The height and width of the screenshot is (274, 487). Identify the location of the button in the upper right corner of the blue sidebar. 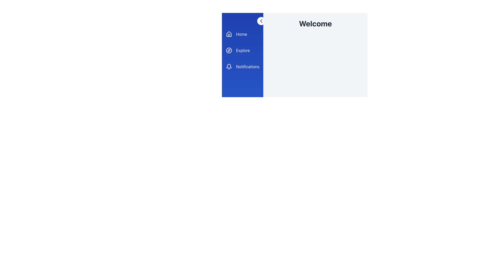
(261, 21).